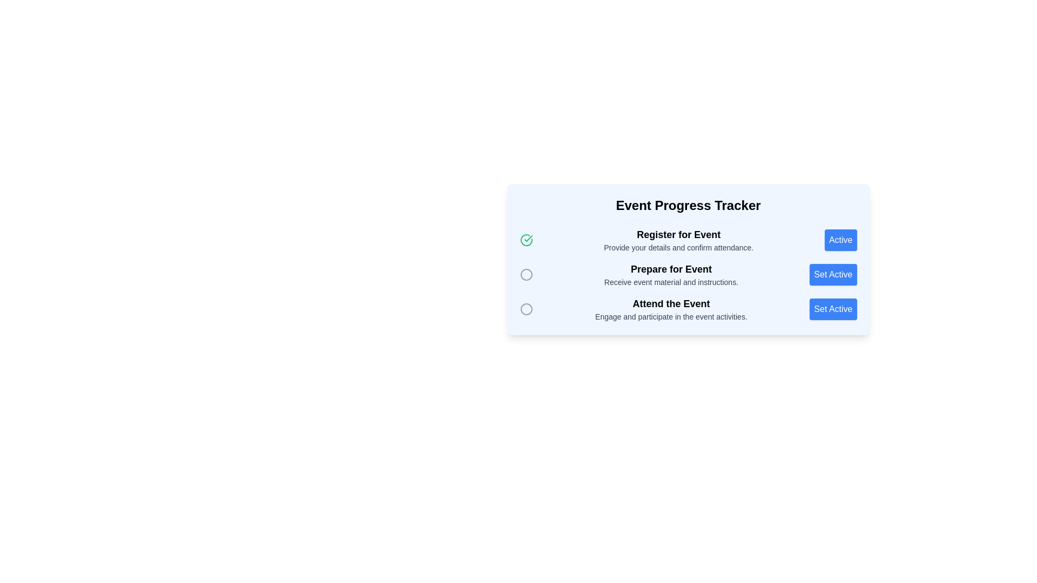 This screenshot has width=1037, height=583. Describe the element at coordinates (526, 274) in the screenshot. I see `the state of the gray circular icon located in the second row of the progress tracker, positioned left of the 'Prepare for Event' text` at that location.